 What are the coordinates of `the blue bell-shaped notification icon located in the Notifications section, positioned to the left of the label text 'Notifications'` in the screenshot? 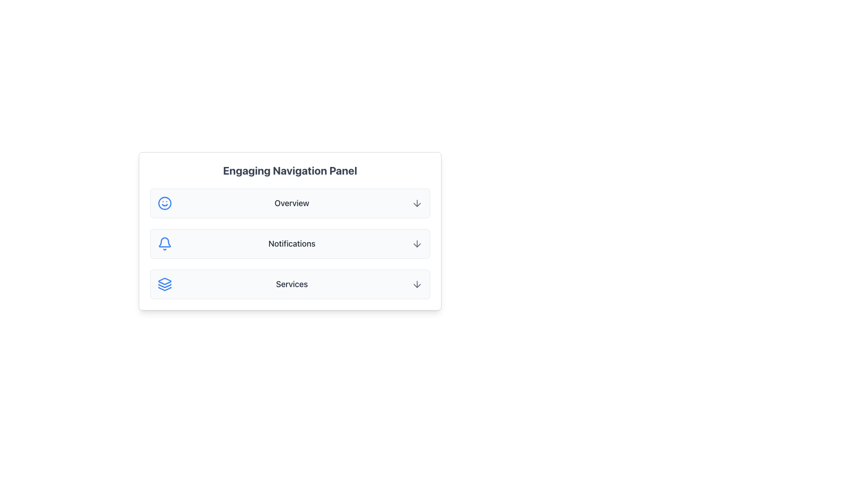 It's located at (164, 244).